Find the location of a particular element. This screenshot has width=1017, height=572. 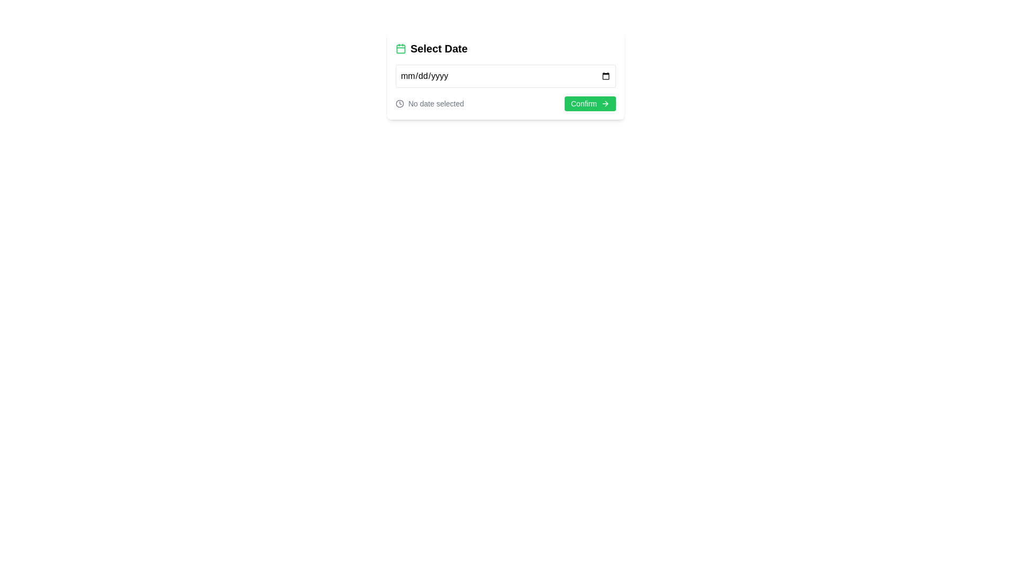

the calendar icon, which is the first component on the left within the 'Select Date' field, indicating its purpose for date selection is located at coordinates (400, 49).